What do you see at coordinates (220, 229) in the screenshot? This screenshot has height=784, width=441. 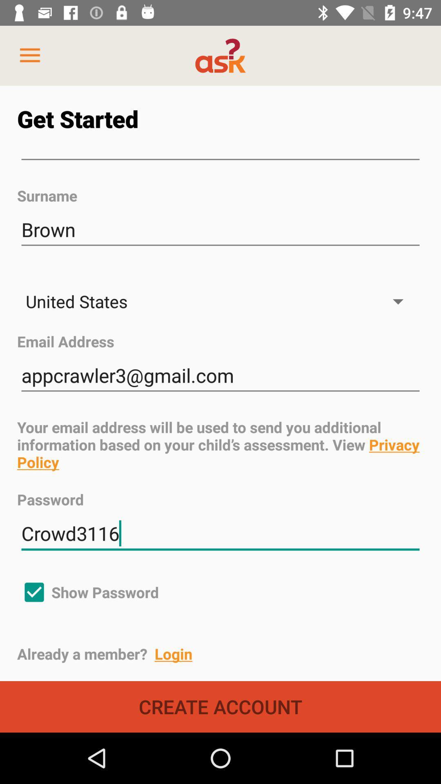 I see `the item above united states` at bounding box center [220, 229].